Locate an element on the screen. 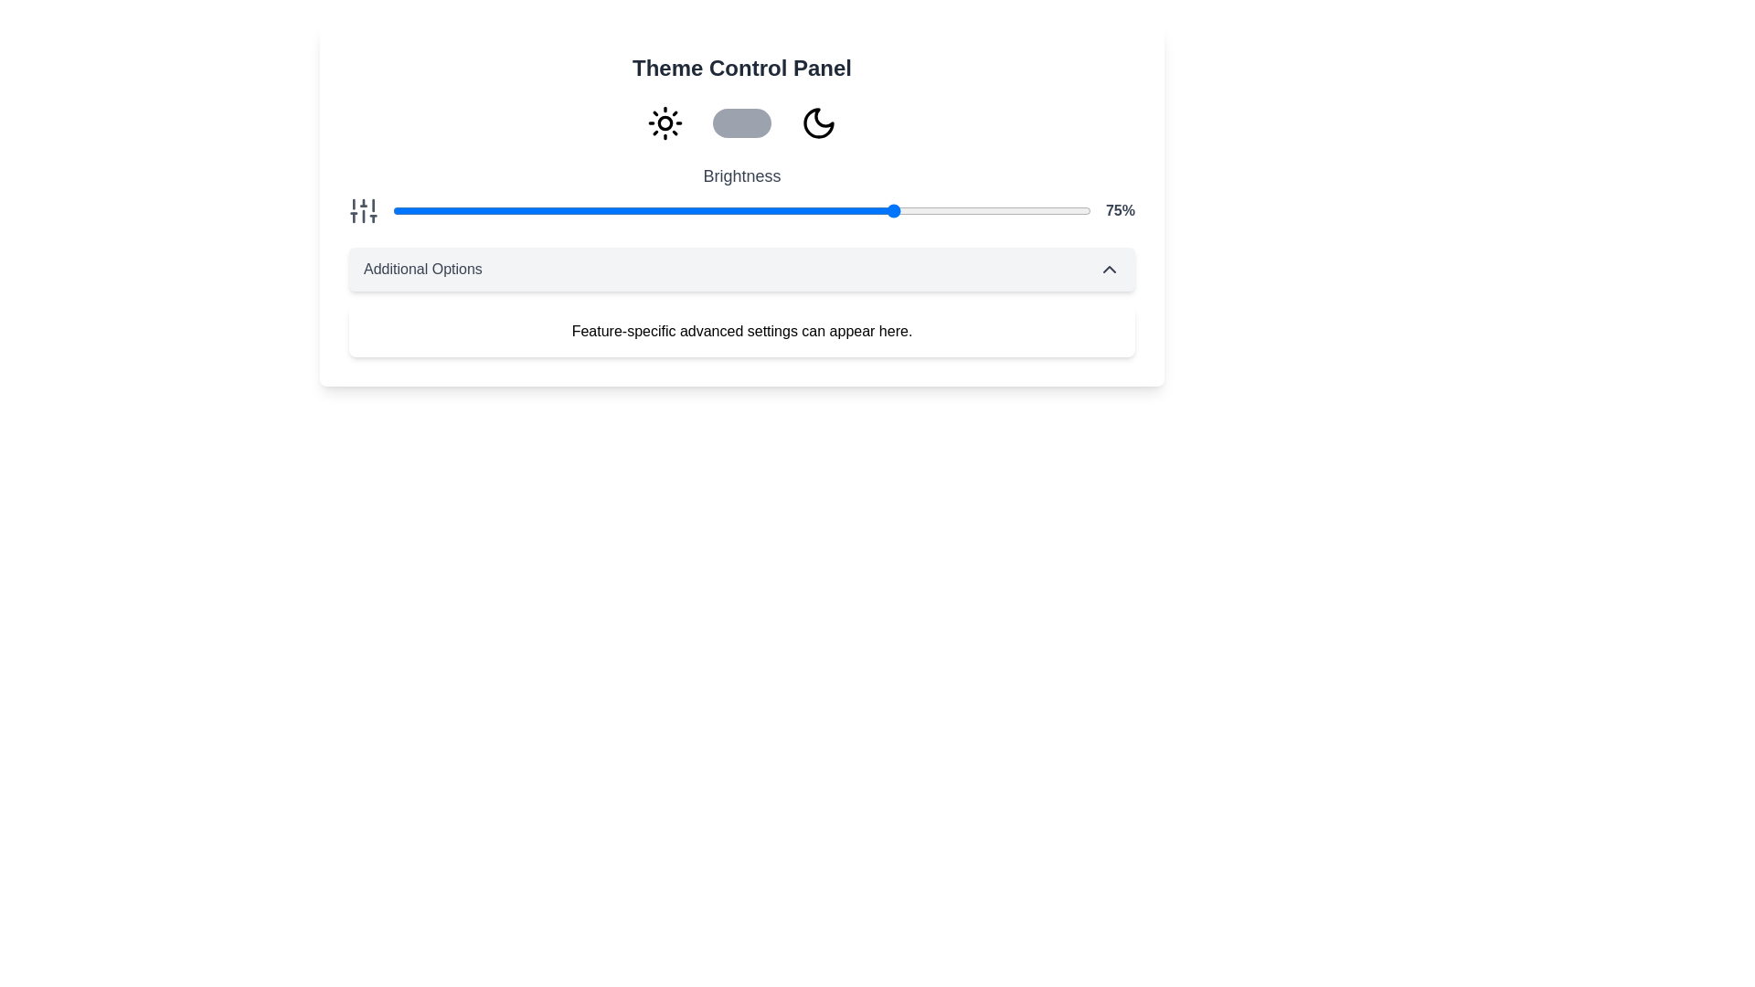  the sun icon, which is the leftmost element in a horizontal group at the top of the control panel, indicating brightness with its yellow hue and radial lines is located at coordinates (665, 123).